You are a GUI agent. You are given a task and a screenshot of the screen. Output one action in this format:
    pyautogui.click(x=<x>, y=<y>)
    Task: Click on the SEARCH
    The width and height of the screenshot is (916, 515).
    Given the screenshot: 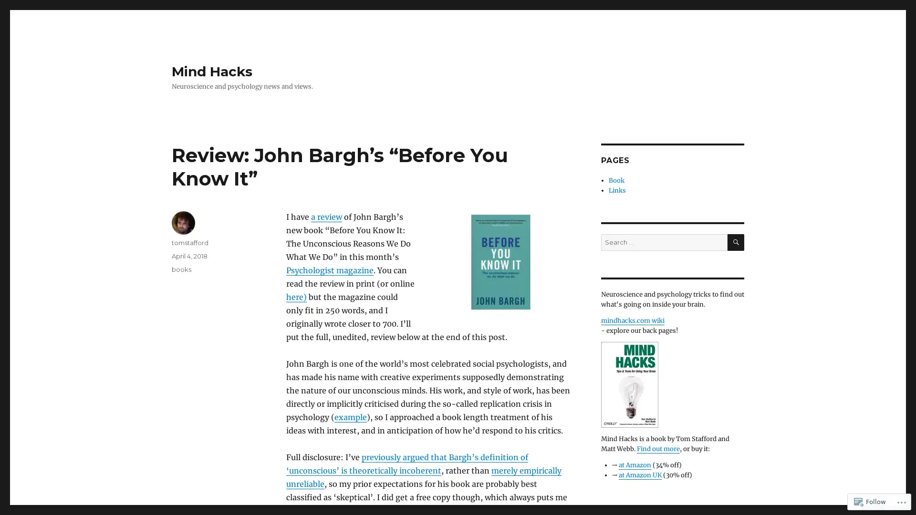 What is the action you would take?
    pyautogui.click(x=735, y=242)
    